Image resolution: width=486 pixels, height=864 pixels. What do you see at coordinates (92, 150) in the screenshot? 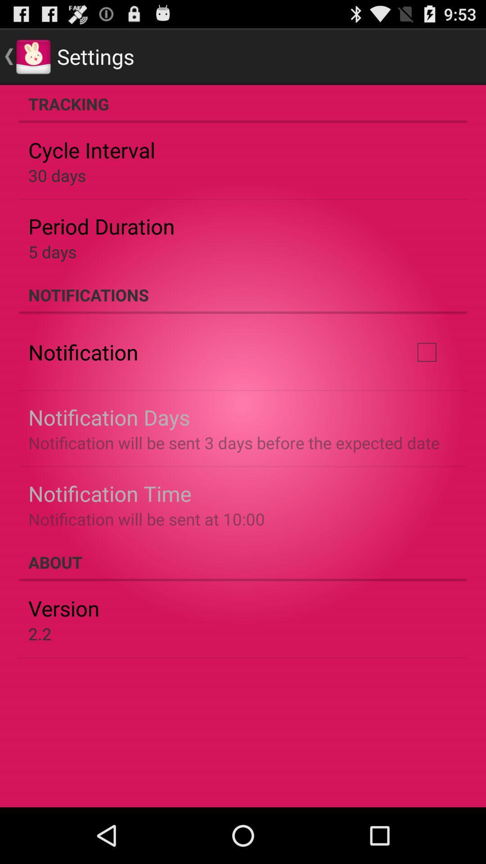
I see `cycle interval icon` at bounding box center [92, 150].